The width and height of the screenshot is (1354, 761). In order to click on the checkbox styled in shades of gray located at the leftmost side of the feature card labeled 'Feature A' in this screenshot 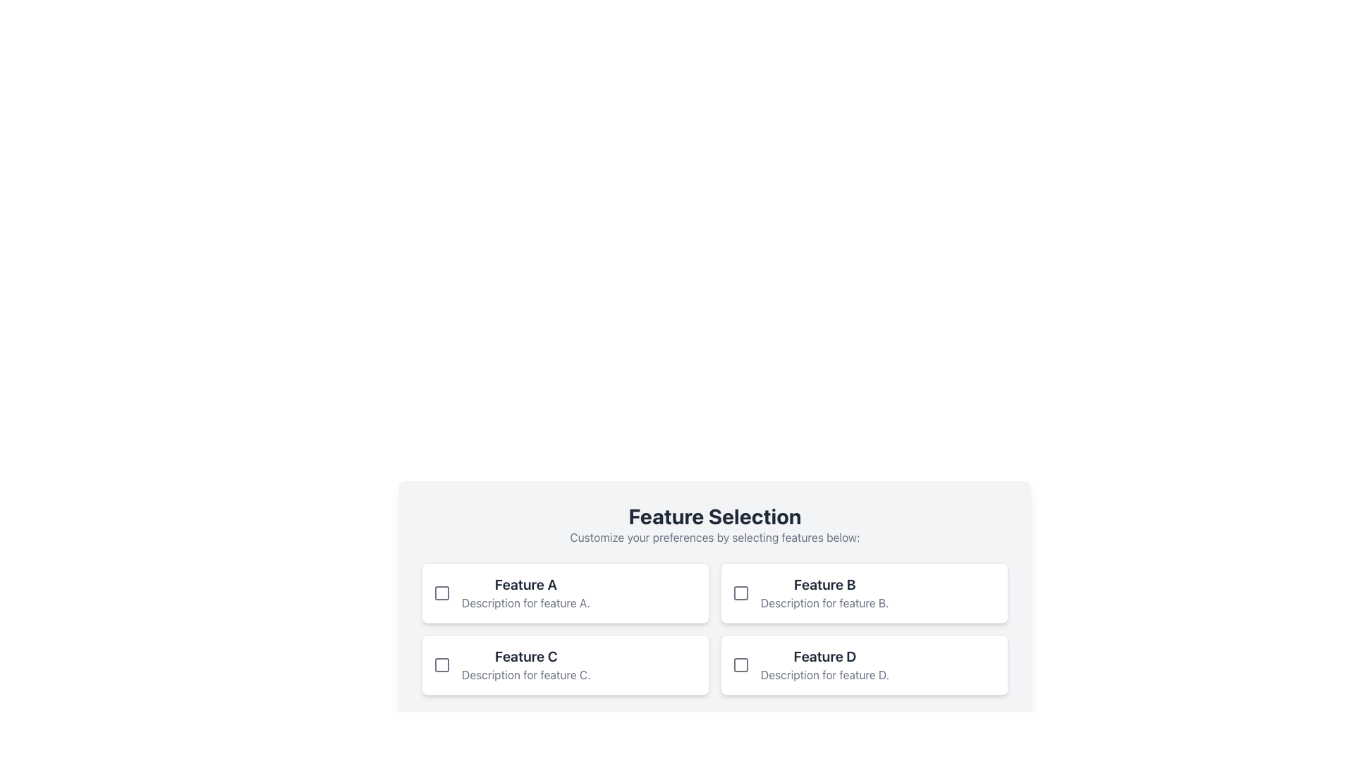, I will do `click(441, 593)`.